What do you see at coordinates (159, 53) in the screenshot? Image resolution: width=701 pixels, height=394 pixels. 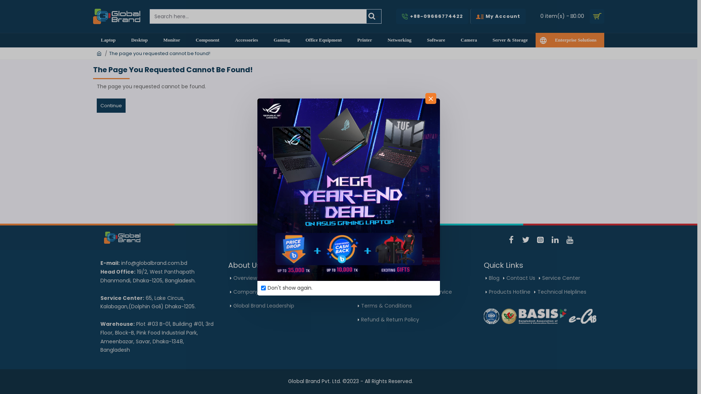 I see `'The page you requested cannot be found!'` at bounding box center [159, 53].